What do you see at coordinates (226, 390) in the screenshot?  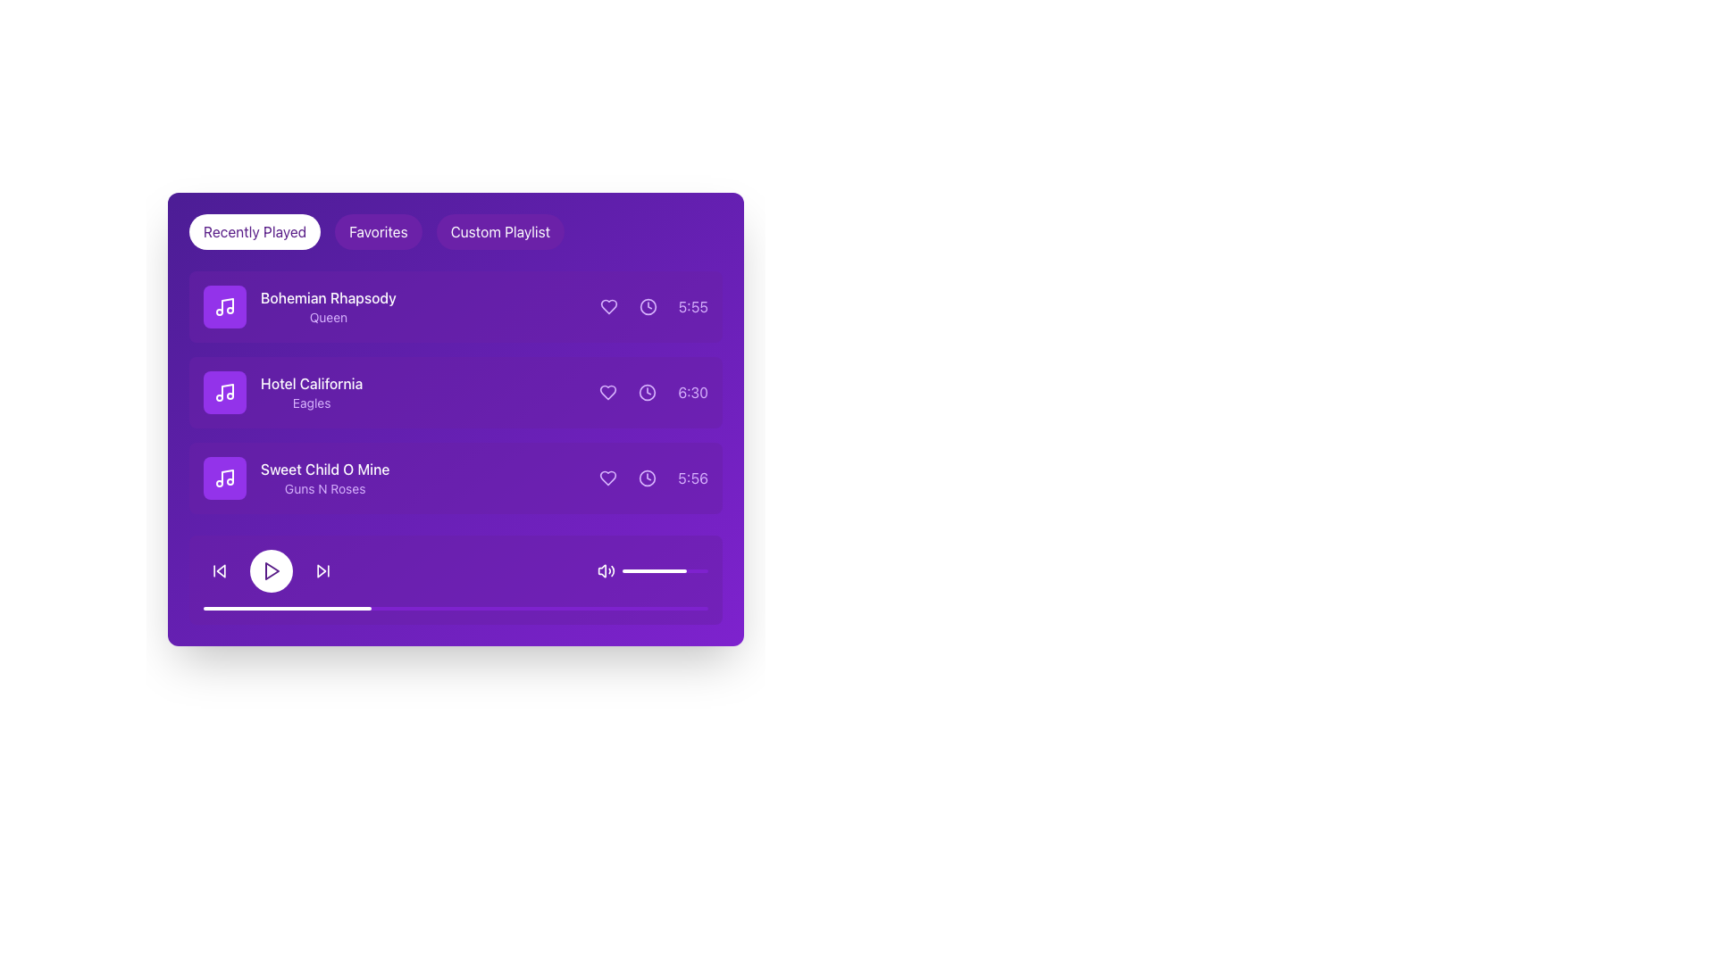 I see `the upper segment of the second music icon representing the song 'Hotel California' in the list` at bounding box center [226, 390].